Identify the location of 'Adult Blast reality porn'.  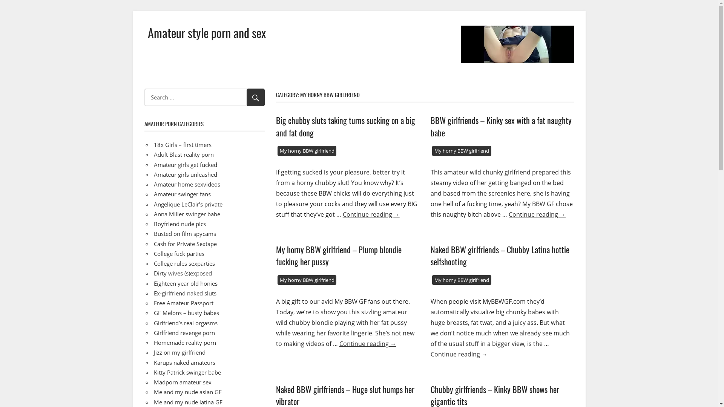
(184, 154).